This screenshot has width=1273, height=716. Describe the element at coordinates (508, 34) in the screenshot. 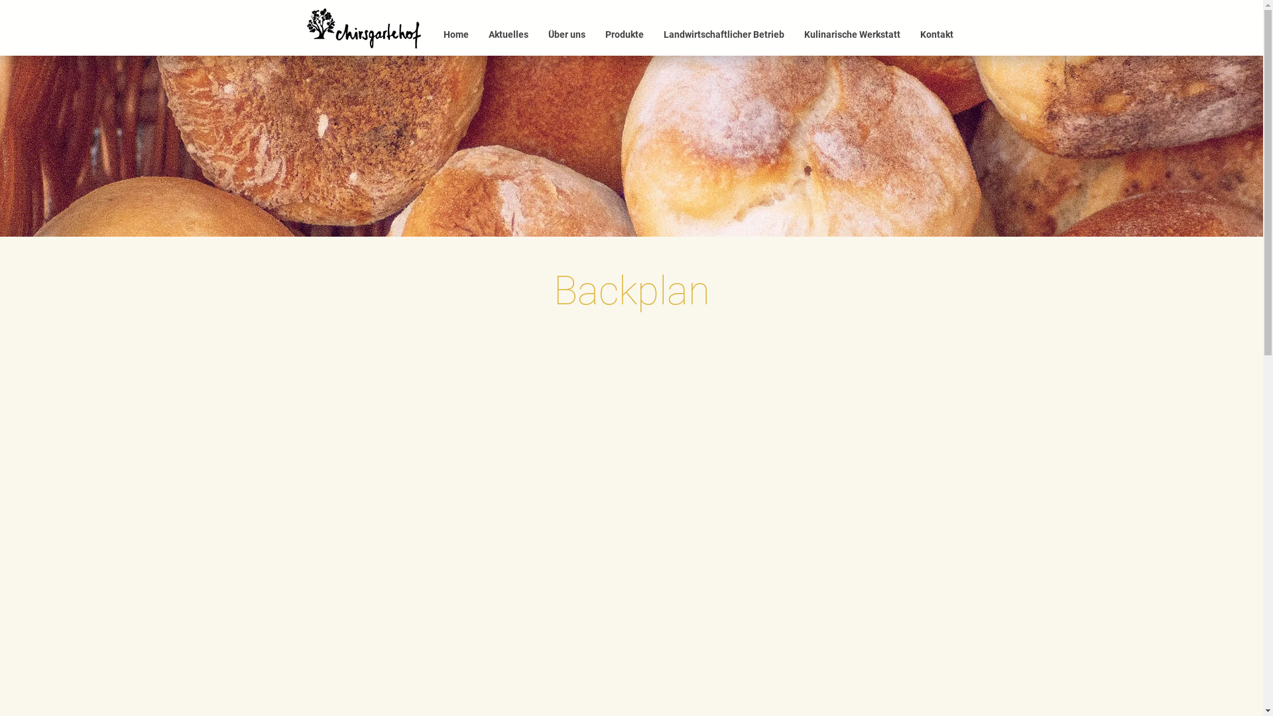

I see `'Aktuelles'` at that location.